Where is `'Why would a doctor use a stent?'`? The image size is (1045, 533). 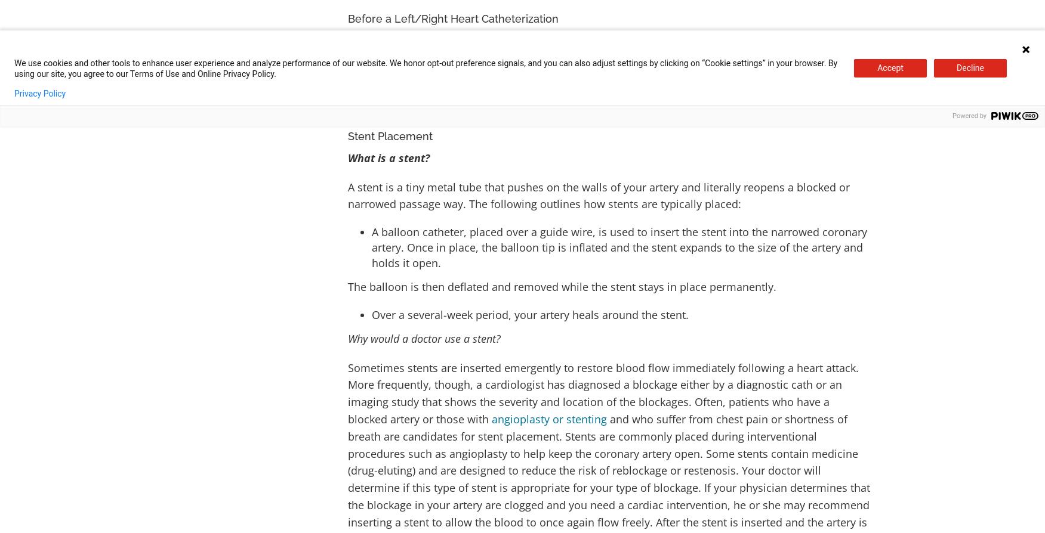 'Why would a doctor use a stent?' is located at coordinates (424, 337).